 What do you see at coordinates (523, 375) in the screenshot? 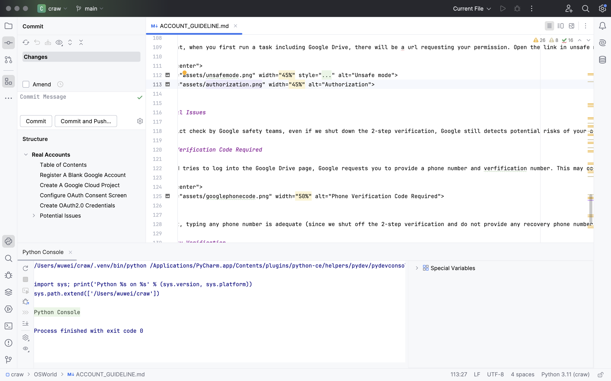
I see `'4 spaces'` at bounding box center [523, 375].